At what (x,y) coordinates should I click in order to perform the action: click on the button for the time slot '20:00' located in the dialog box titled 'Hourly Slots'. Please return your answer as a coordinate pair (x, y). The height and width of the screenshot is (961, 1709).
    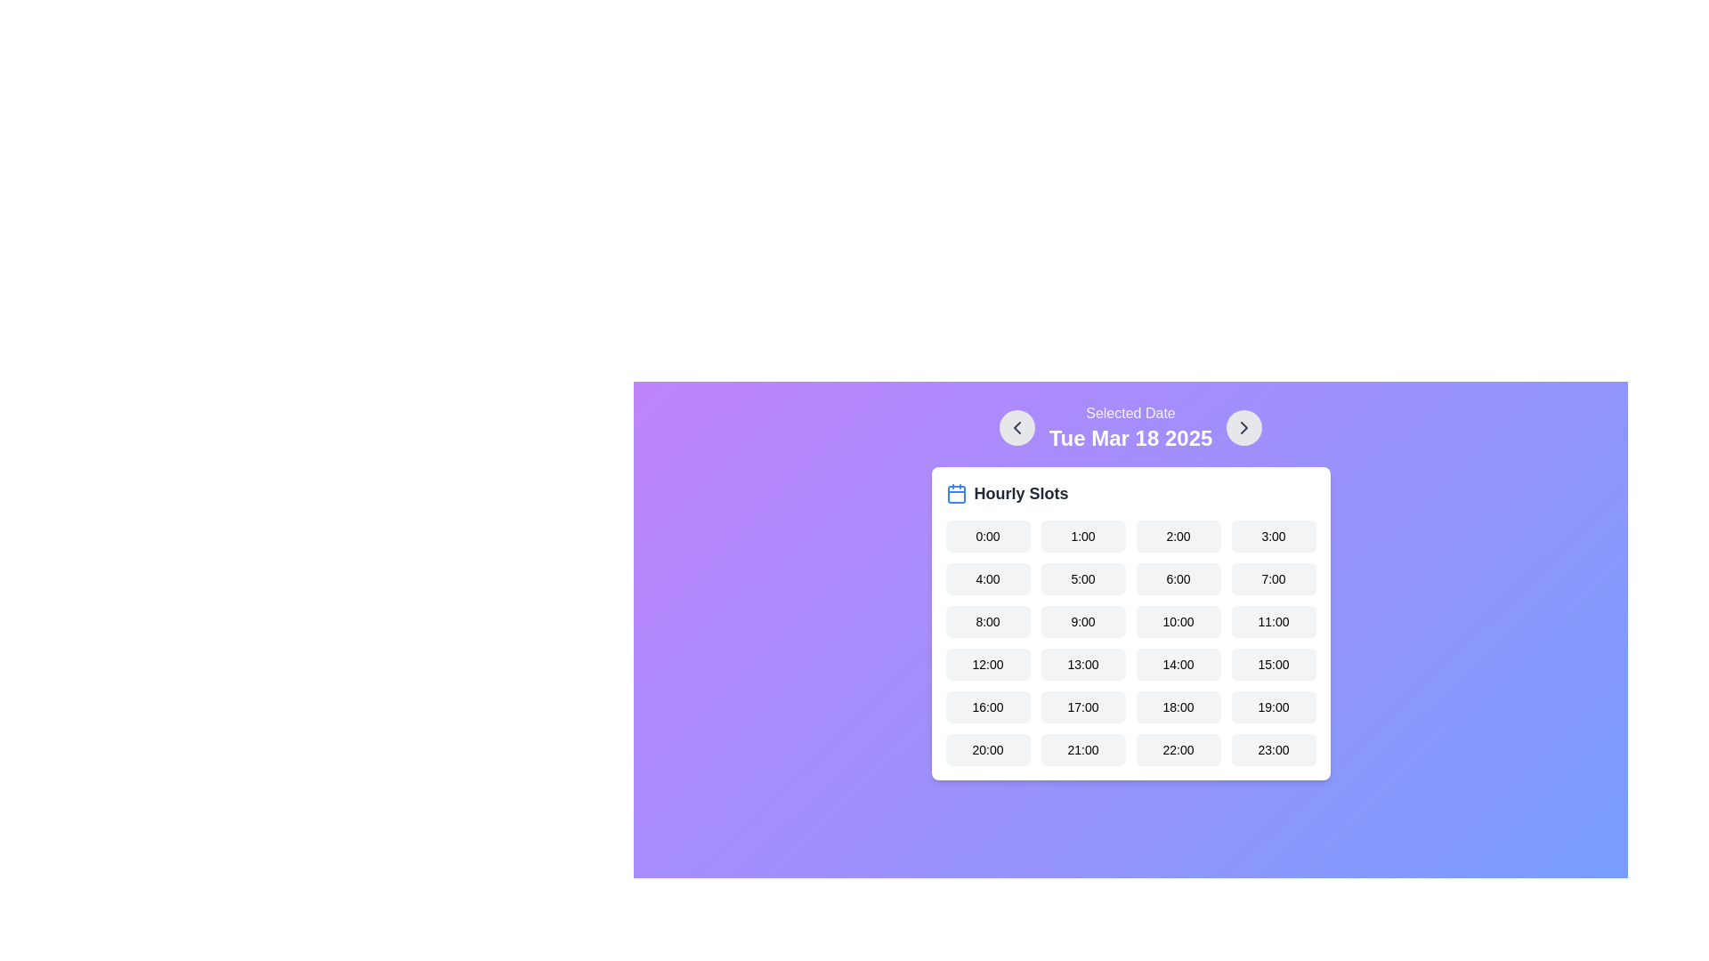
    Looking at the image, I should click on (986, 750).